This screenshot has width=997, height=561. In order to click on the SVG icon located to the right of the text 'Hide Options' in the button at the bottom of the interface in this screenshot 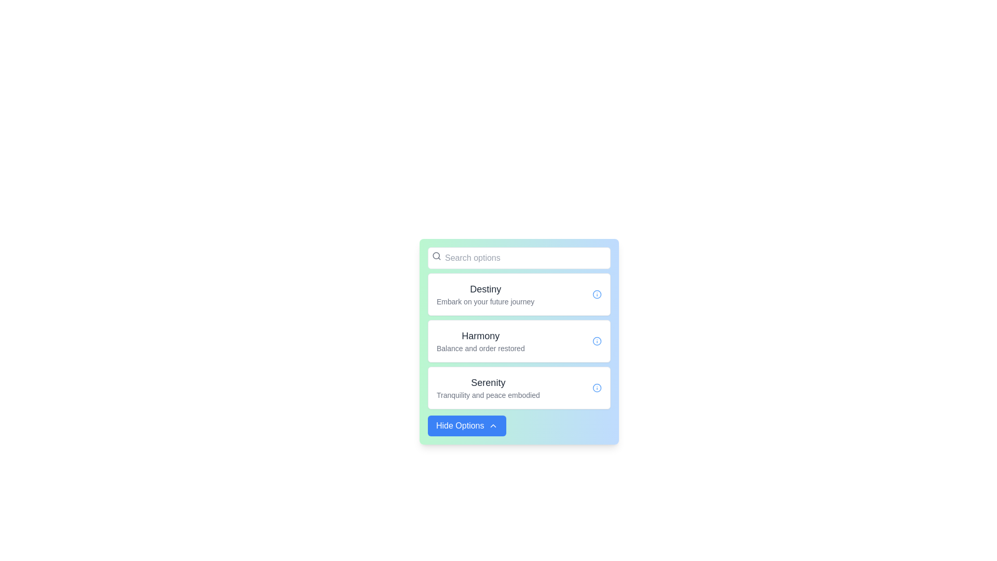, I will do `click(492, 426)`.